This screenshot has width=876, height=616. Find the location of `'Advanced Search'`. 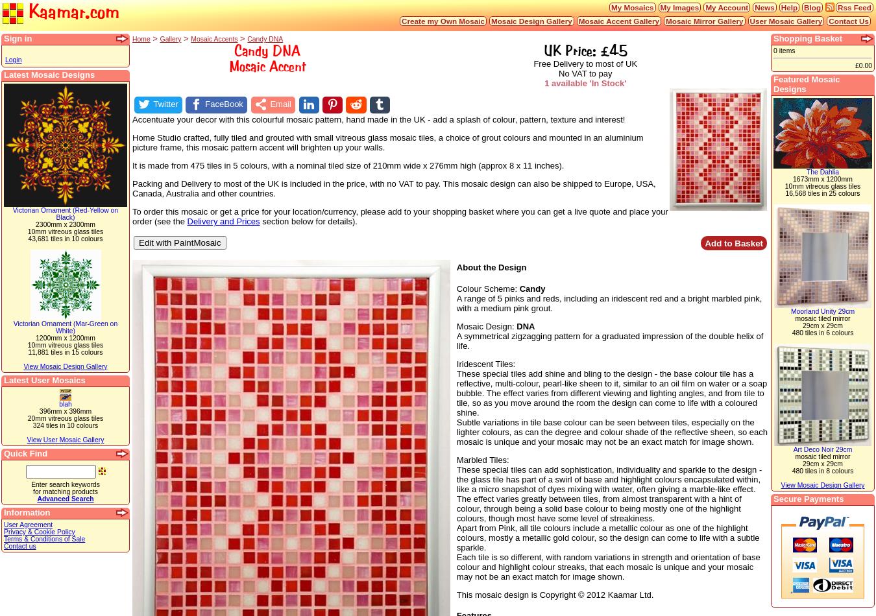

'Advanced Search' is located at coordinates (36, 498).